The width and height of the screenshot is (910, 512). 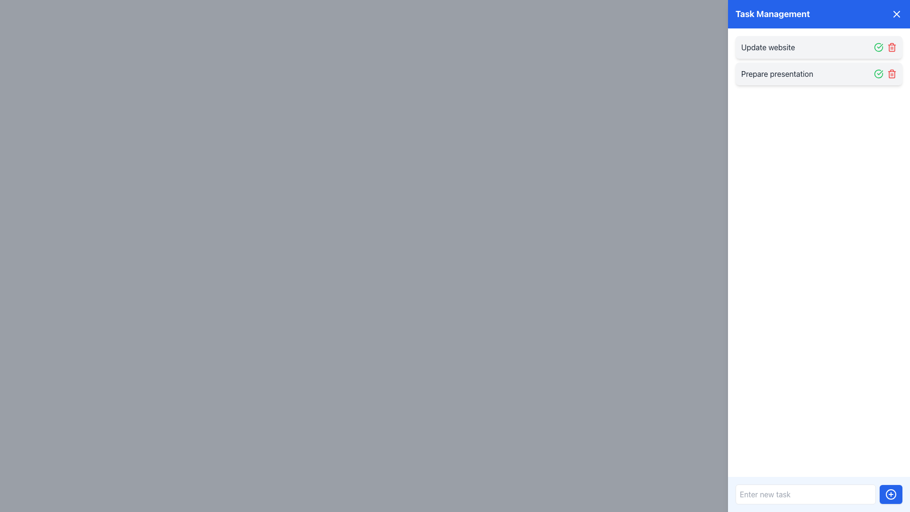 What do you see at coordinates (891, 494) in the screenshot?
I see `the button with a circular plus sign icon on a blue background` at bounding box center [891, 494].